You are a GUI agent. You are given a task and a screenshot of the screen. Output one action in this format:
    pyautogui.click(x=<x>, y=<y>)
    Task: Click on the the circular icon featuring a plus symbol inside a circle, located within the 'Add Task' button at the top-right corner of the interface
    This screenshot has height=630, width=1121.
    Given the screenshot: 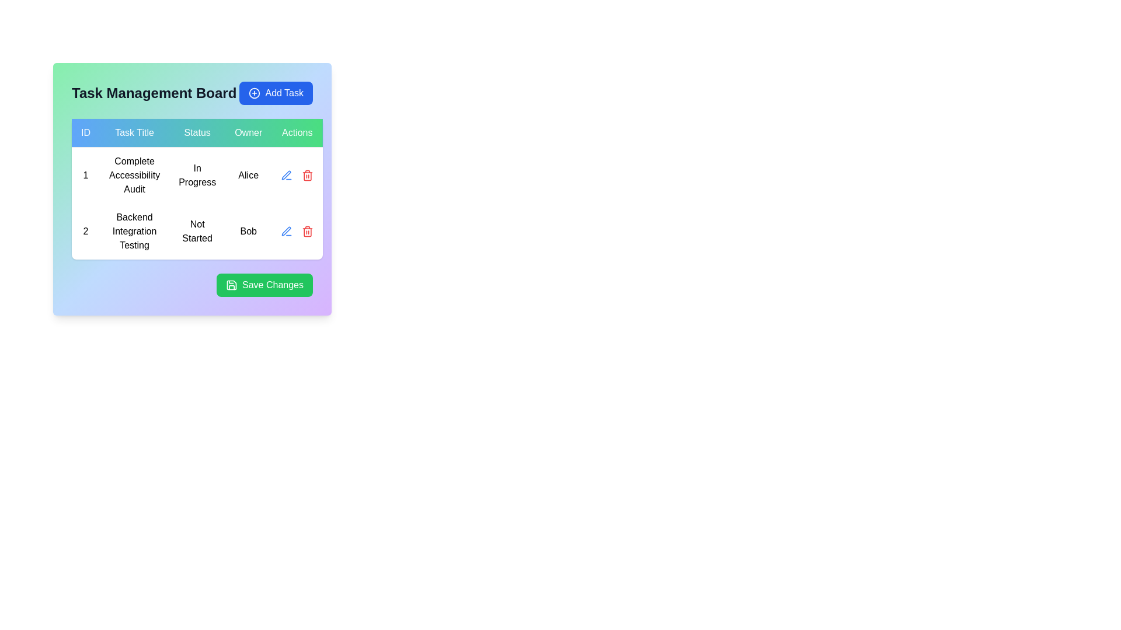 What is the action you would take?
    pyautogui.click(x=254, y=92)
    